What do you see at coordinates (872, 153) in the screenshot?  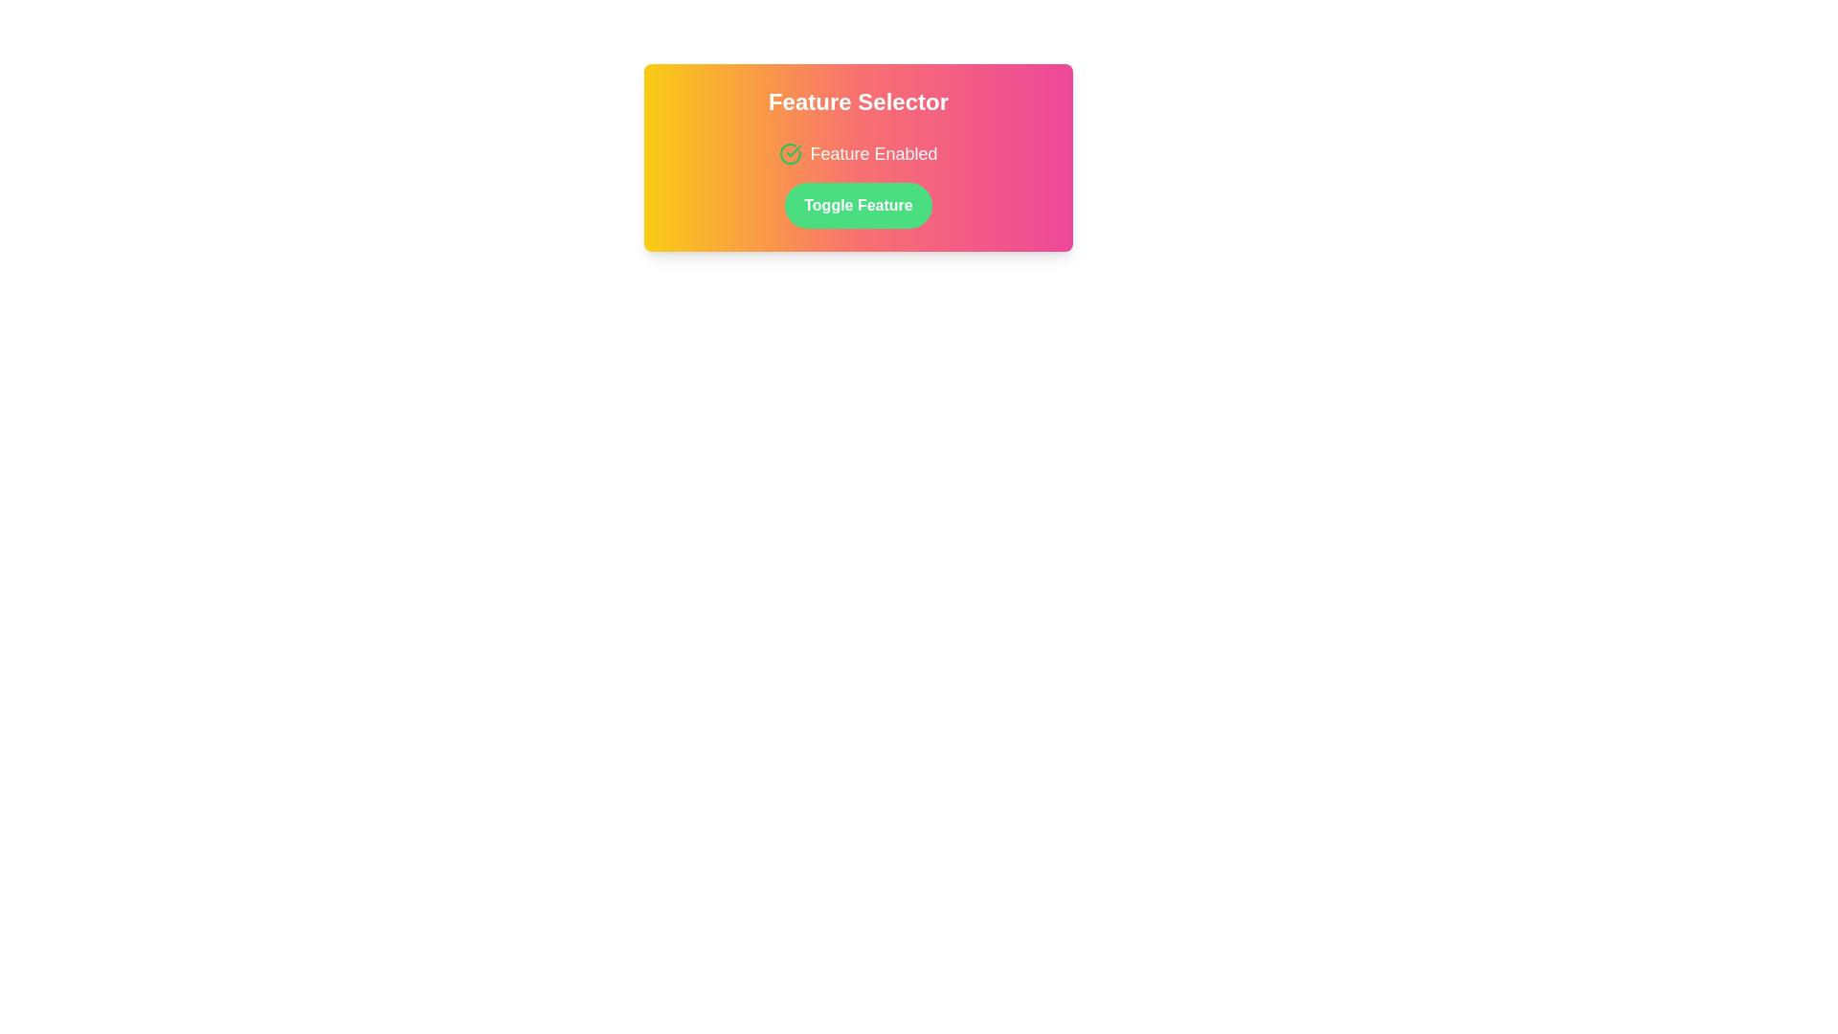 I see `the status message text label indicating that a feature is currently enabled, which is located below 'Feature Selector' and above the 'Toggle Feature' button` at bounding box center [872, 153].